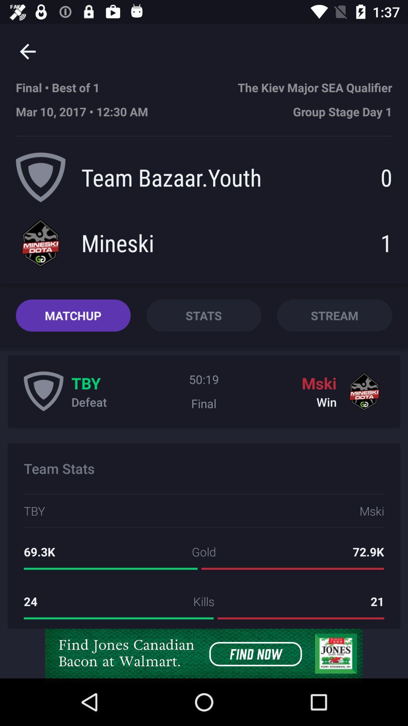 This screenshot has width=408, height=726. Describe the element at coordinates (43, 391) in the screenshot. I see `the favorite icon` at that location.